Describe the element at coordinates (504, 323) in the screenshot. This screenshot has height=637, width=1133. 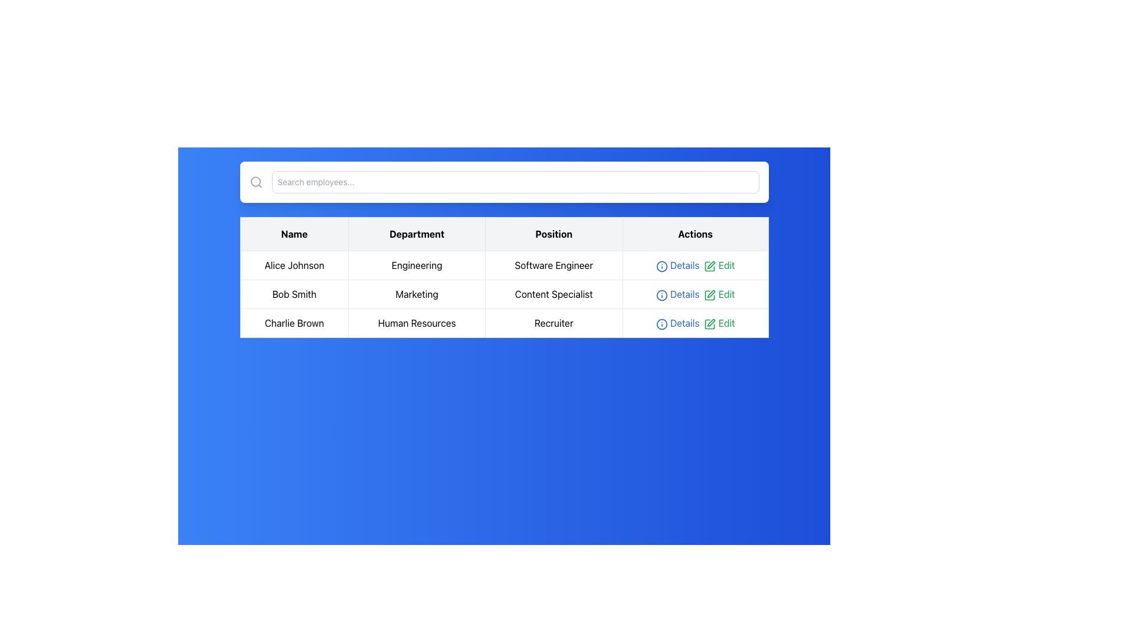
I see `the third table row displaying employee data for 'Charlie Brown' to interact with the details or edit the data` at that location.